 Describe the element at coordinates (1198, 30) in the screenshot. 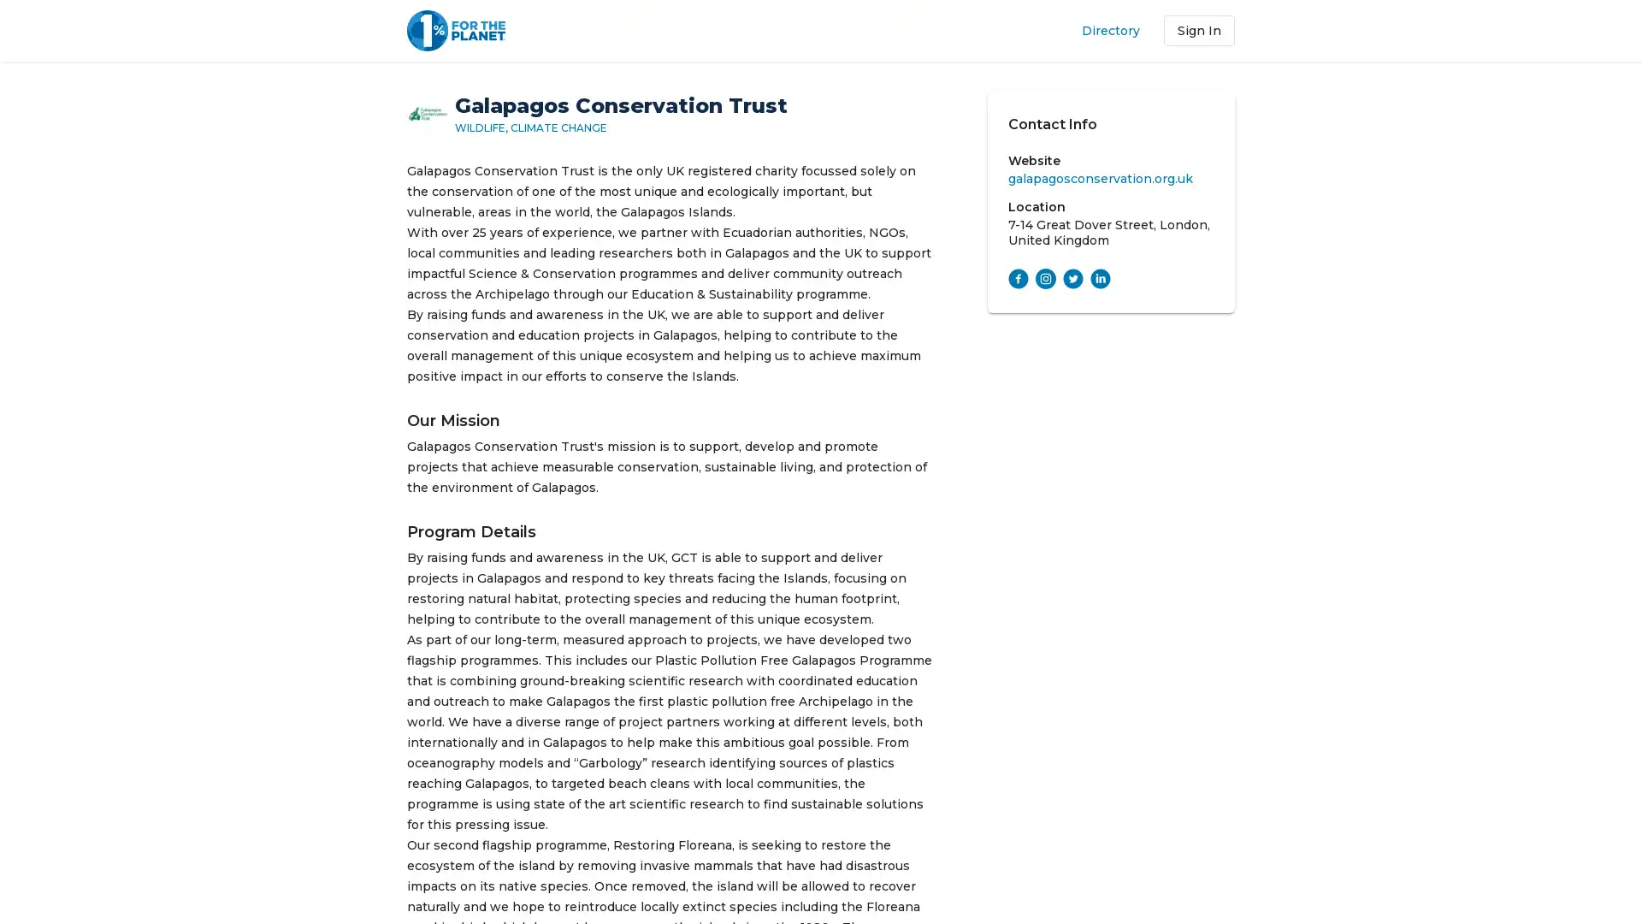

I see `Sign In` at that location.